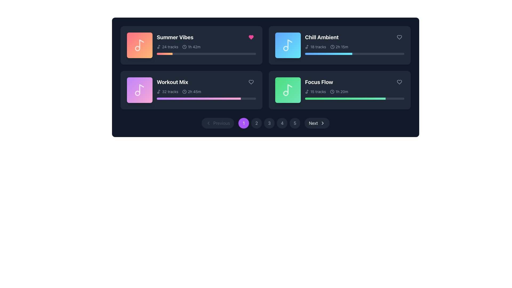 The height and width of the screenshot is (288, 512). Describe the element at coordinates (285, 48) in the screenshot. I see `the small decorative SVG circle located at the bottom-left of the musical note icon within the 'Chill Ambient' card` at that location.